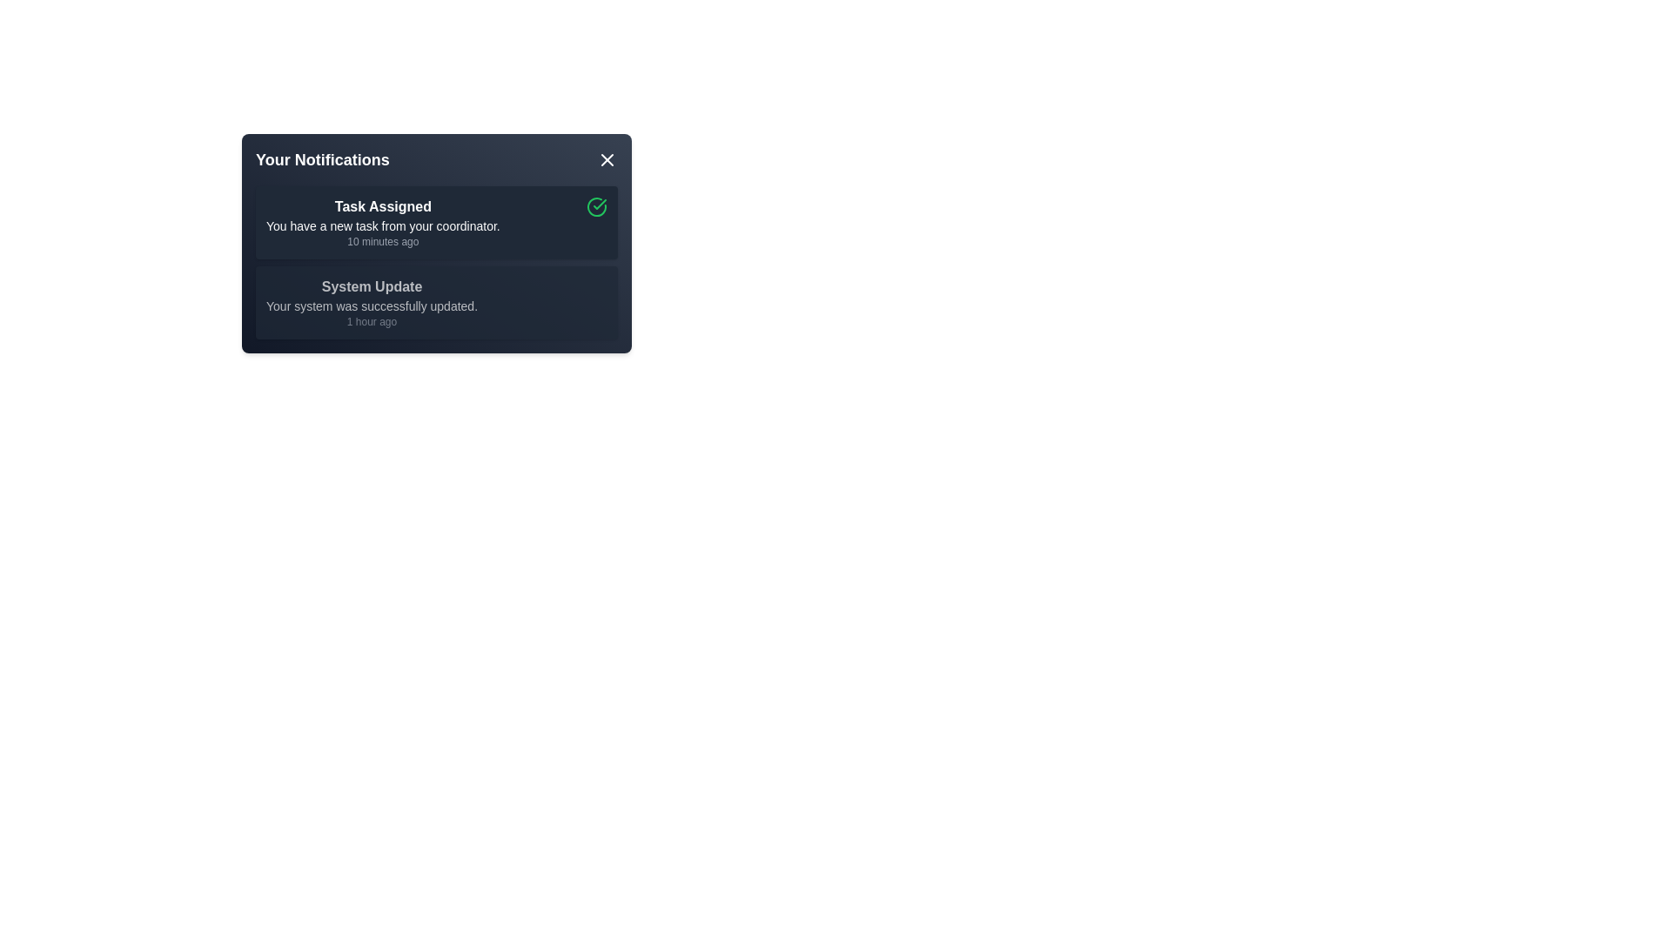 The width and height of the screenshot is (1671, 940). I want to click on update details from the notification block that displays information about a recent system update, located directly below the 'Task Assigned' notification in the popup, so click(437, 301).